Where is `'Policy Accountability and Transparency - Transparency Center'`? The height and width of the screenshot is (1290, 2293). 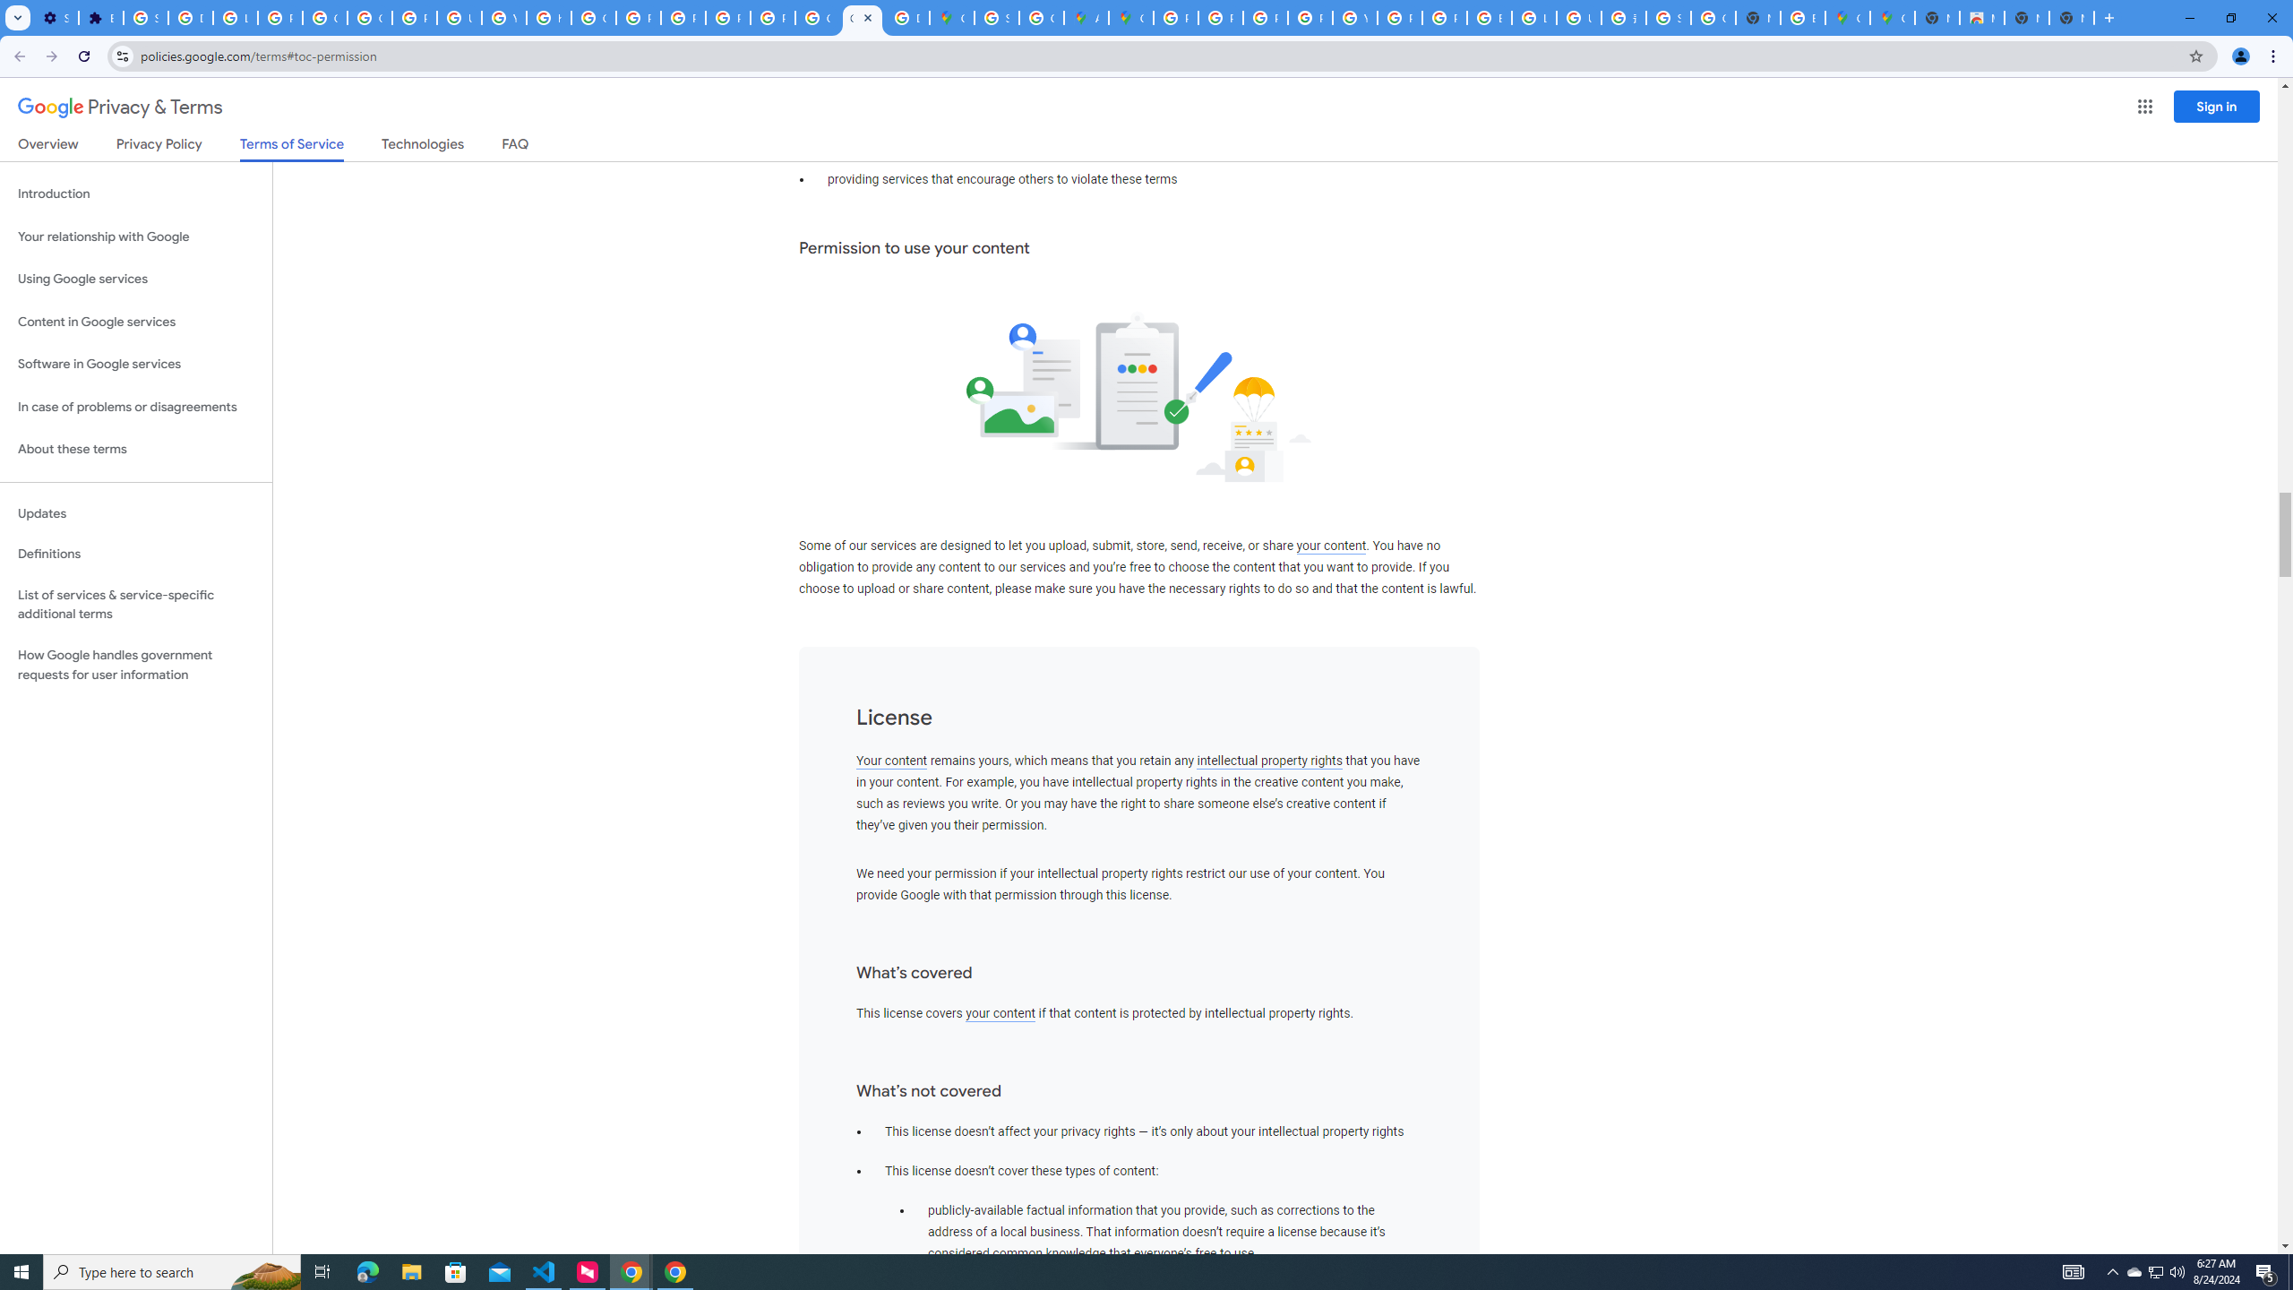 'Policy Accountability and Transparency - Transparency Center' is located at coordinates (1175, 17).